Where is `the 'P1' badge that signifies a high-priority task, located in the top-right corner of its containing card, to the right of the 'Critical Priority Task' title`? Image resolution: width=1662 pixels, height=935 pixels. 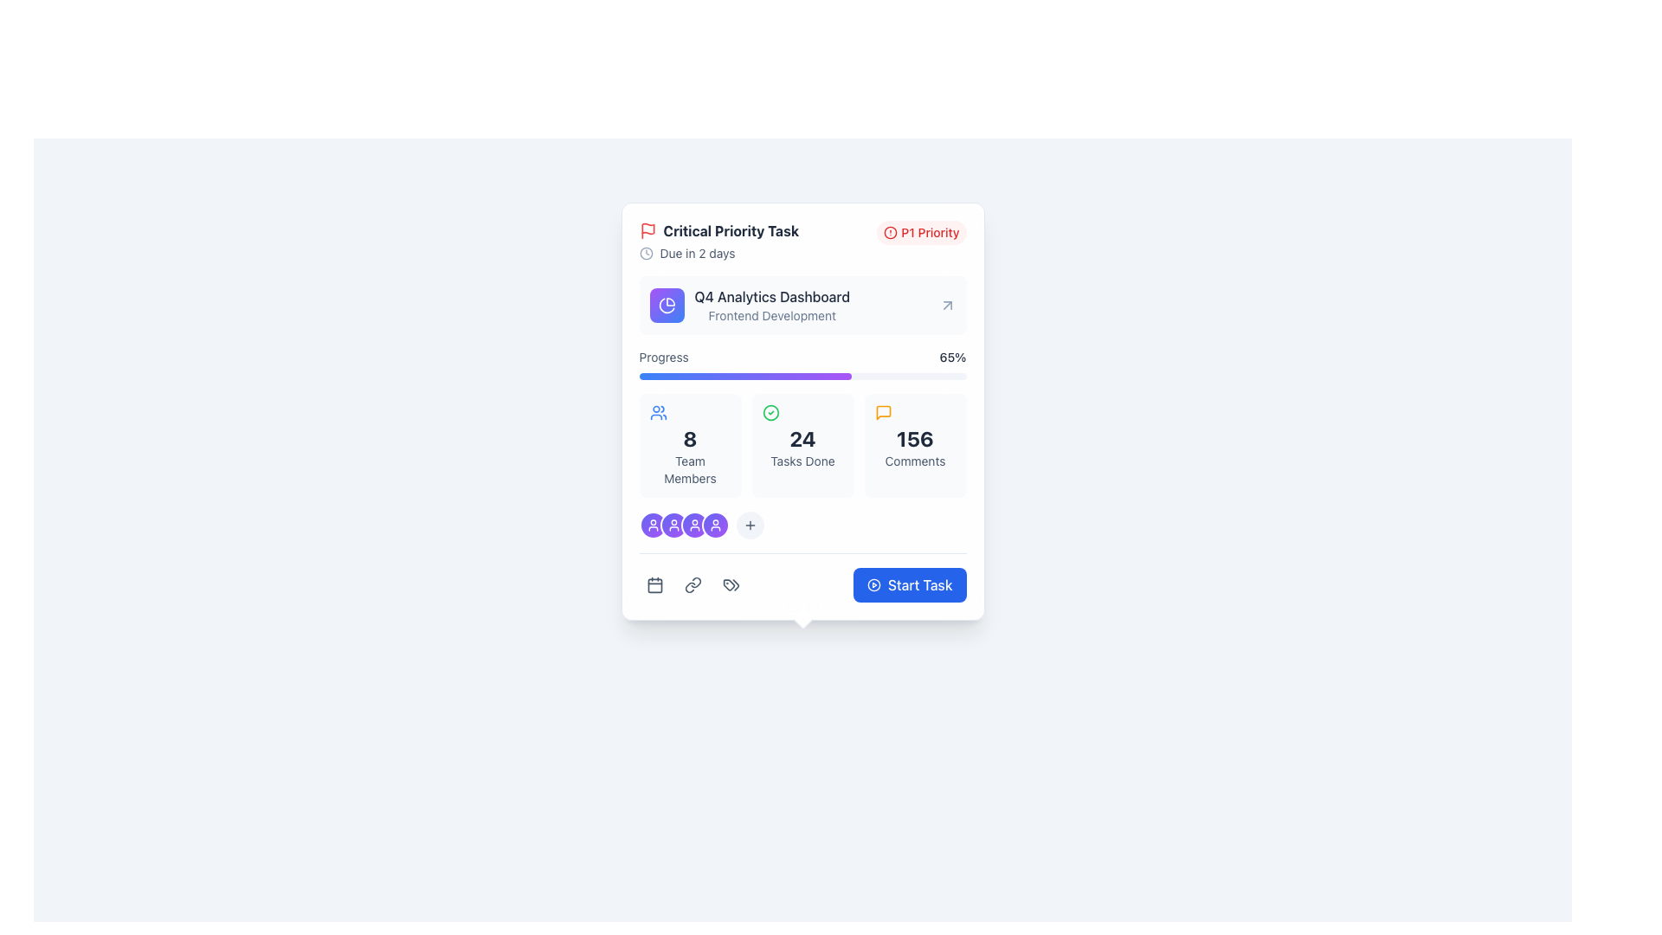 the 'P1' badge that signifies a high-priority task, located in the top-right corner of its containing card, to the right of the 'Critical Priority Task' title is located at coordinates (921, 232).